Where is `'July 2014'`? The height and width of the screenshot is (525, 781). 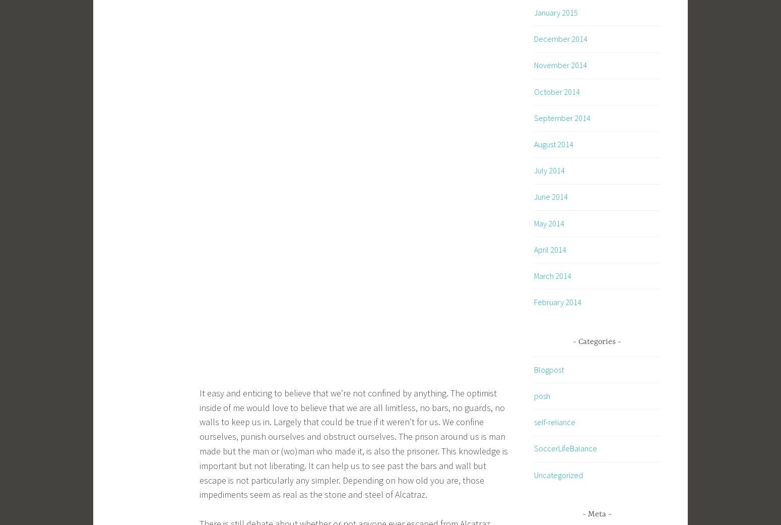
'July 2014' is located at coordinates (549, 170).